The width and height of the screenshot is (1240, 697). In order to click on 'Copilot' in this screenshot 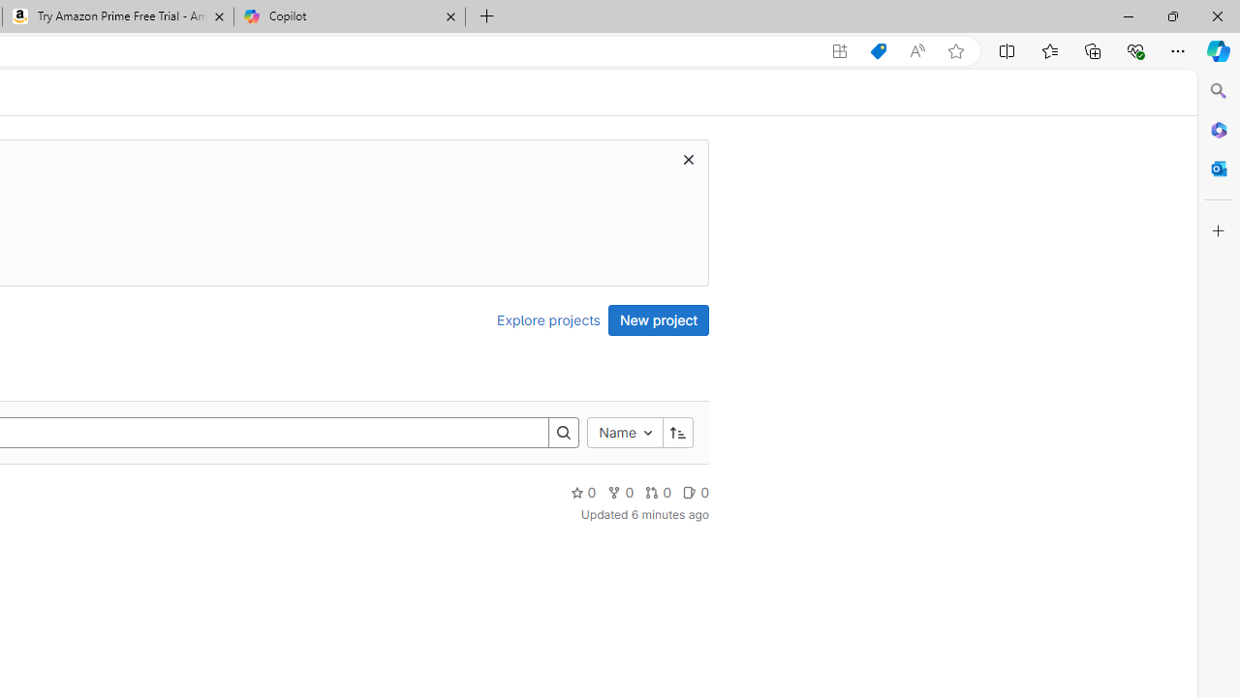, I will do `click(349, 16)`.